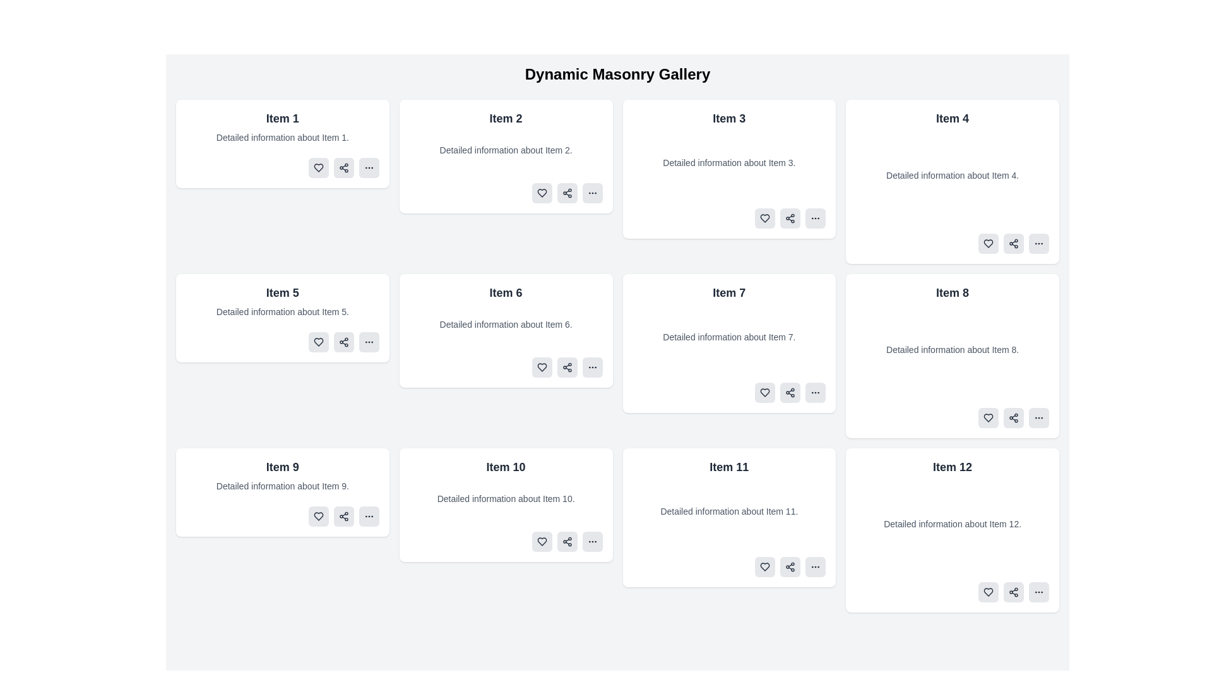 The width and height of the screenshot is (1212, 682). Describe the element at coordinates (790, 218) in the screenshot. I see `the share icon button located at the centered-rightmost position within the 'Item 3' card` at that location.